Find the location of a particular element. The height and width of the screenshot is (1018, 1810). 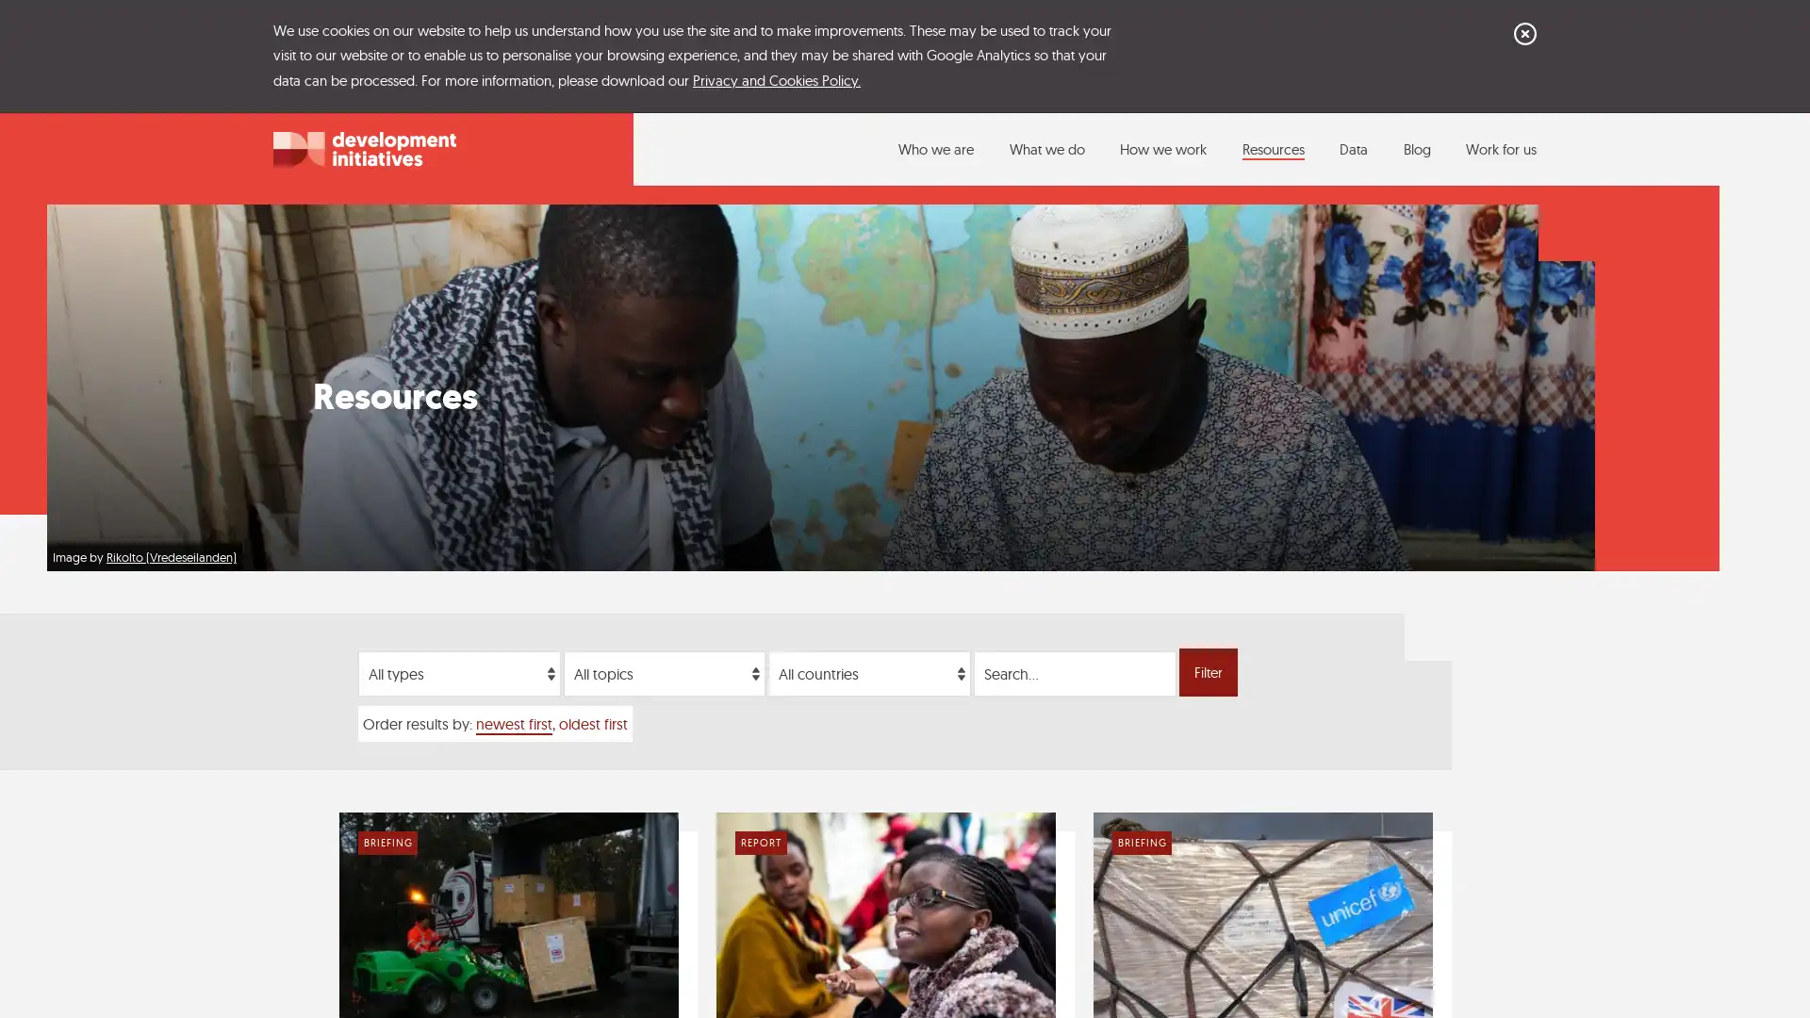

Filter is located at coordinates (1209, 671).